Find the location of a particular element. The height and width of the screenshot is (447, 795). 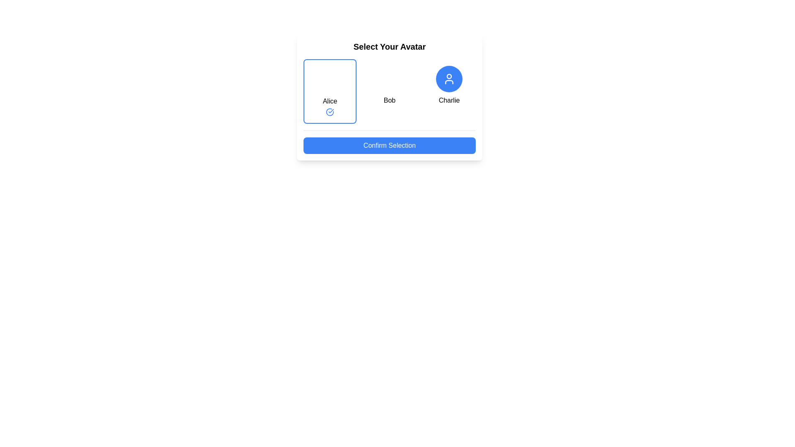

the confirmation button at the bottom center of the avatar selection section to finalize the user's avatar choice is located at coordinates (389, 145).